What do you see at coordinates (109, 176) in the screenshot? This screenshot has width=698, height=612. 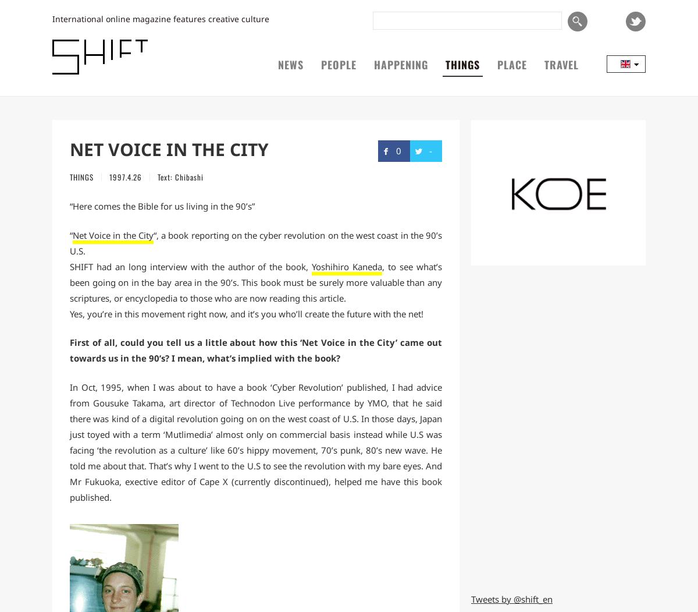 I see `'1997.4.26'` at bounding box center [109, 176].